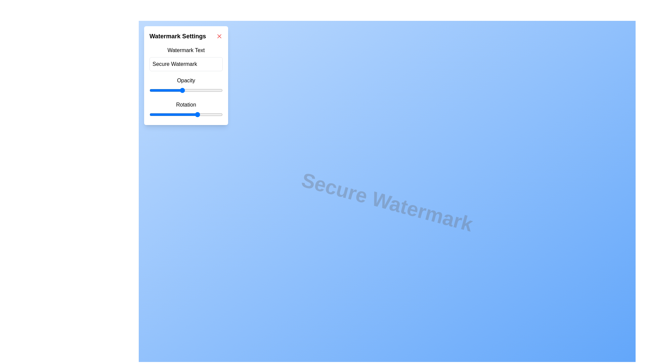 Image resolution: width=645 pixels, height=363 pixels. Describe the element at coordinates (186, 36) in the screenshot. I see `the text label at the top of the 'Watermark Settings' panel, which serves as the title for the settings` at that location.